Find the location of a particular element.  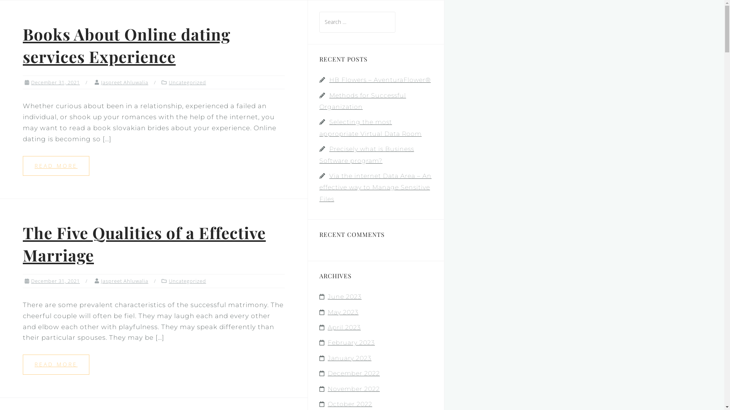

'Books About Online dating services Experience' is located at coordinates (126, 45).